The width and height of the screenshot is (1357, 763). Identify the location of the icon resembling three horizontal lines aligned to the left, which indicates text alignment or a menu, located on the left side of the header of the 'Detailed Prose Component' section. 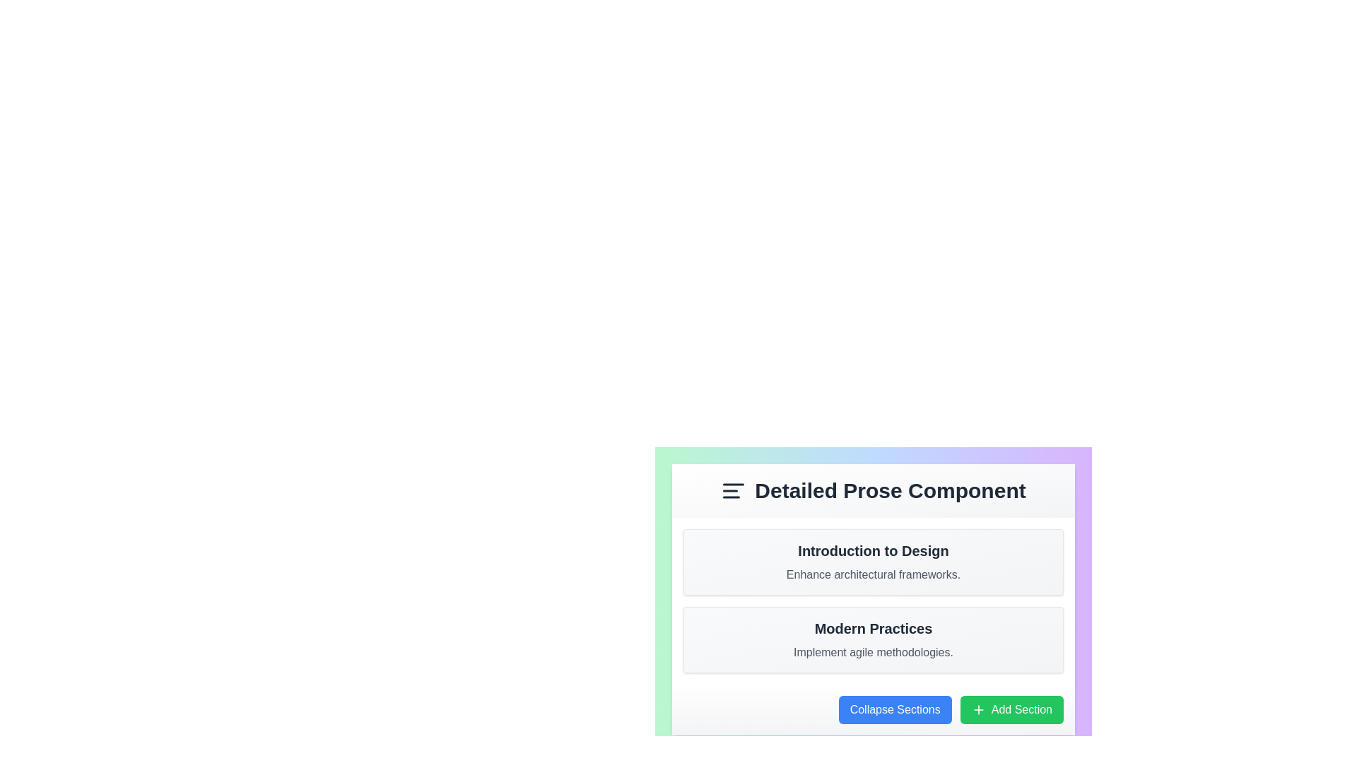
(734, 490).